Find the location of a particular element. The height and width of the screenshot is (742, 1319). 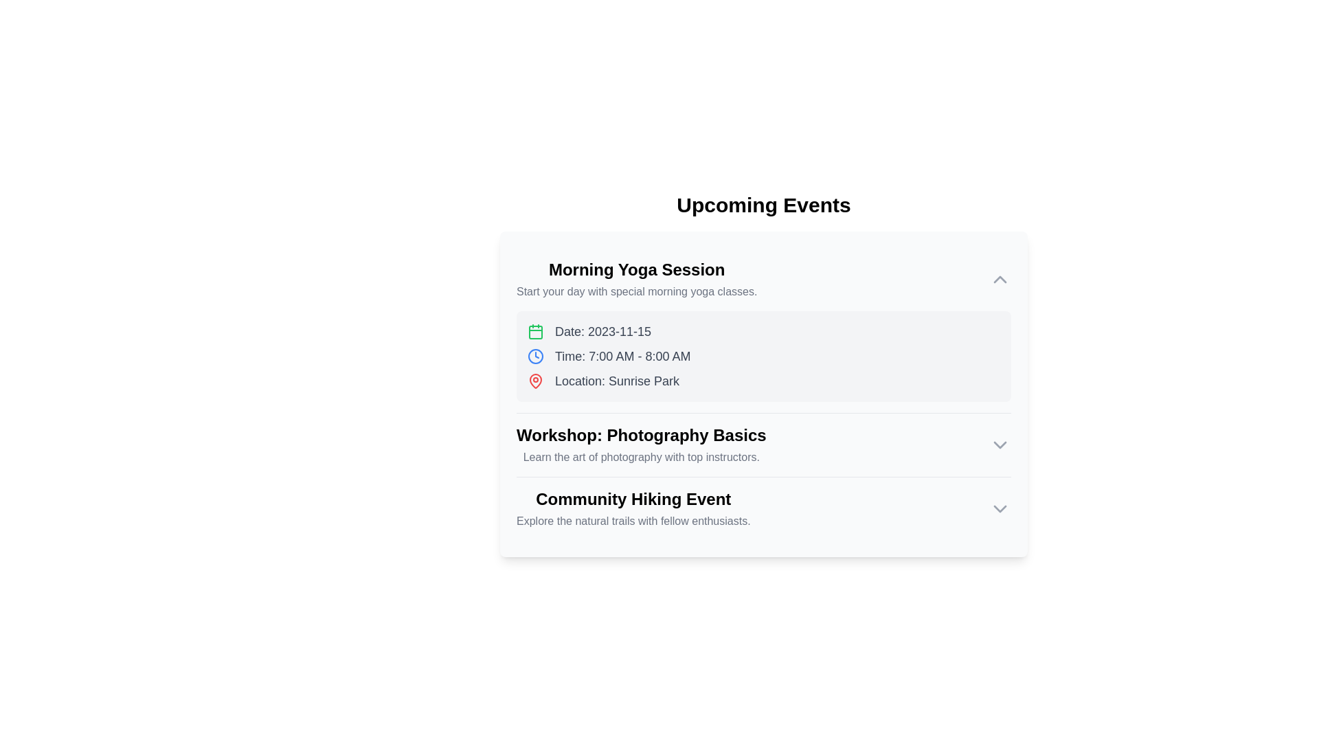

the static text displaying 'Location: Sunrise Park', which is aligned horizontally next to a red map pin icon in the 'Morning Yoga Session' section is located at coordinates (616, 381).